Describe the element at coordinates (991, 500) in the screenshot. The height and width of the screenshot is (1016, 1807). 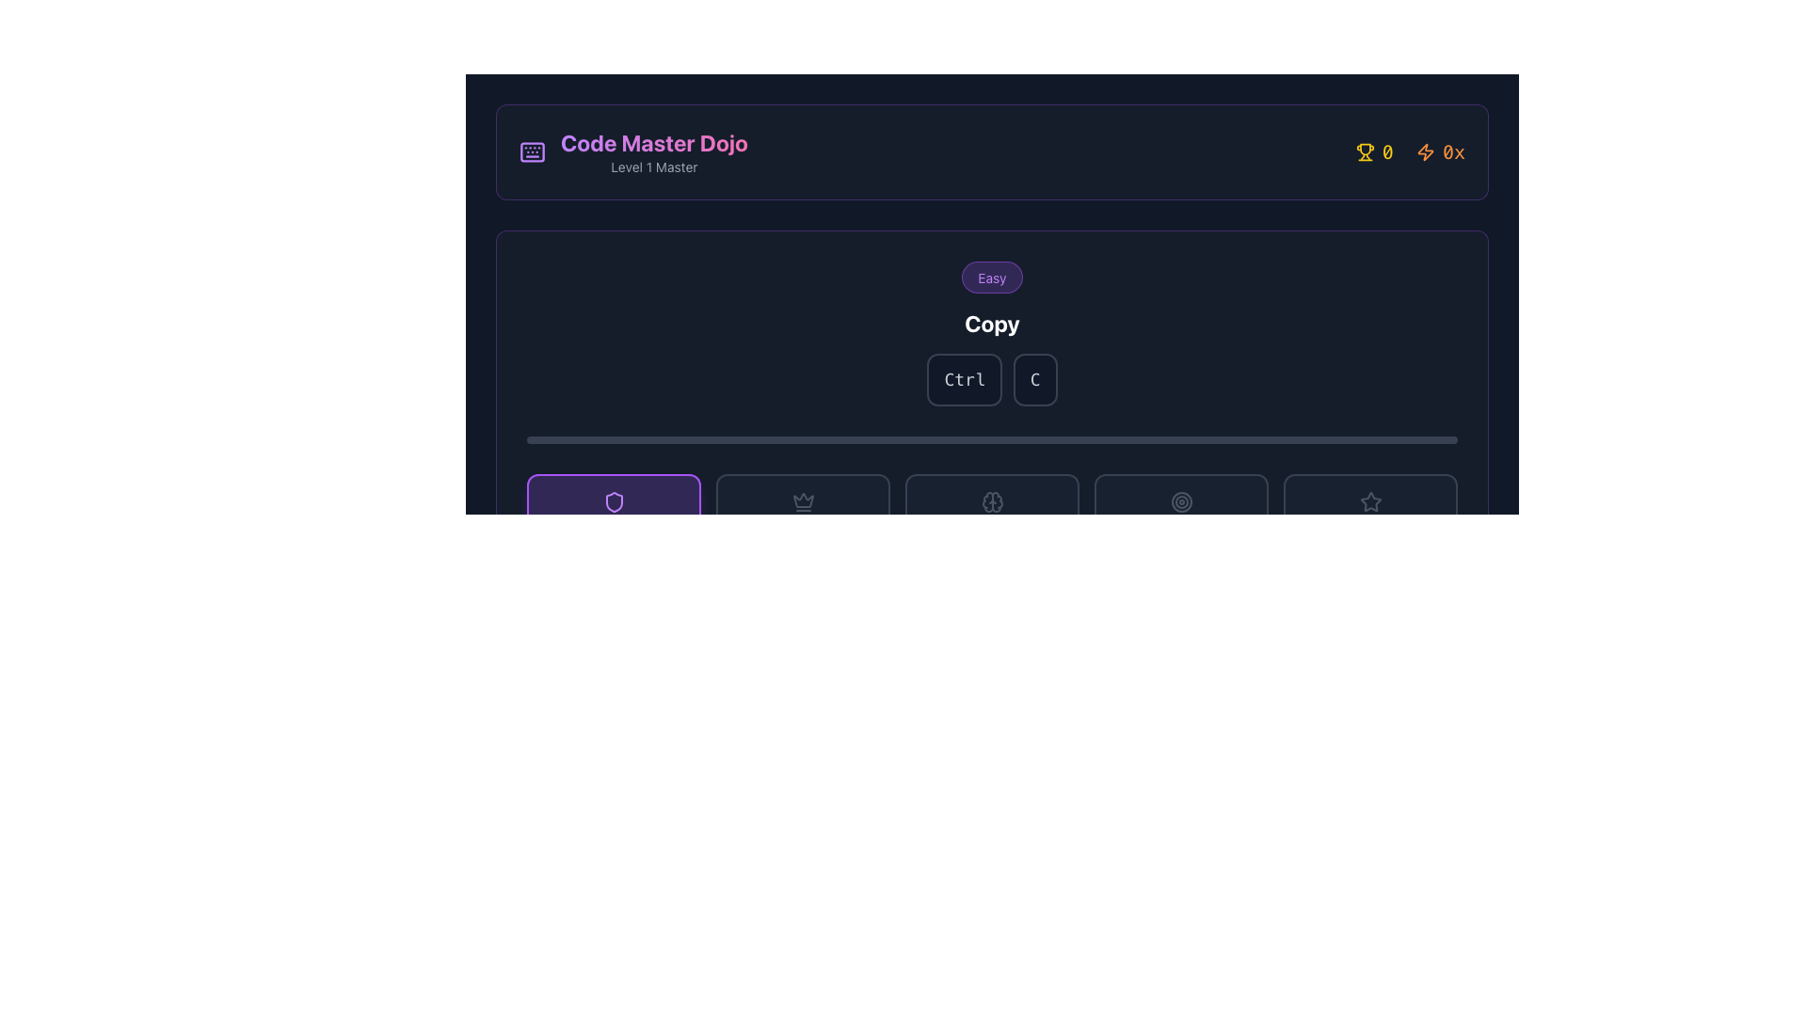
I see `the brain icon button, which is the fourth element in a row of five, featuring a simplified graphic design on a semi-transparent dark gray background` at that location.